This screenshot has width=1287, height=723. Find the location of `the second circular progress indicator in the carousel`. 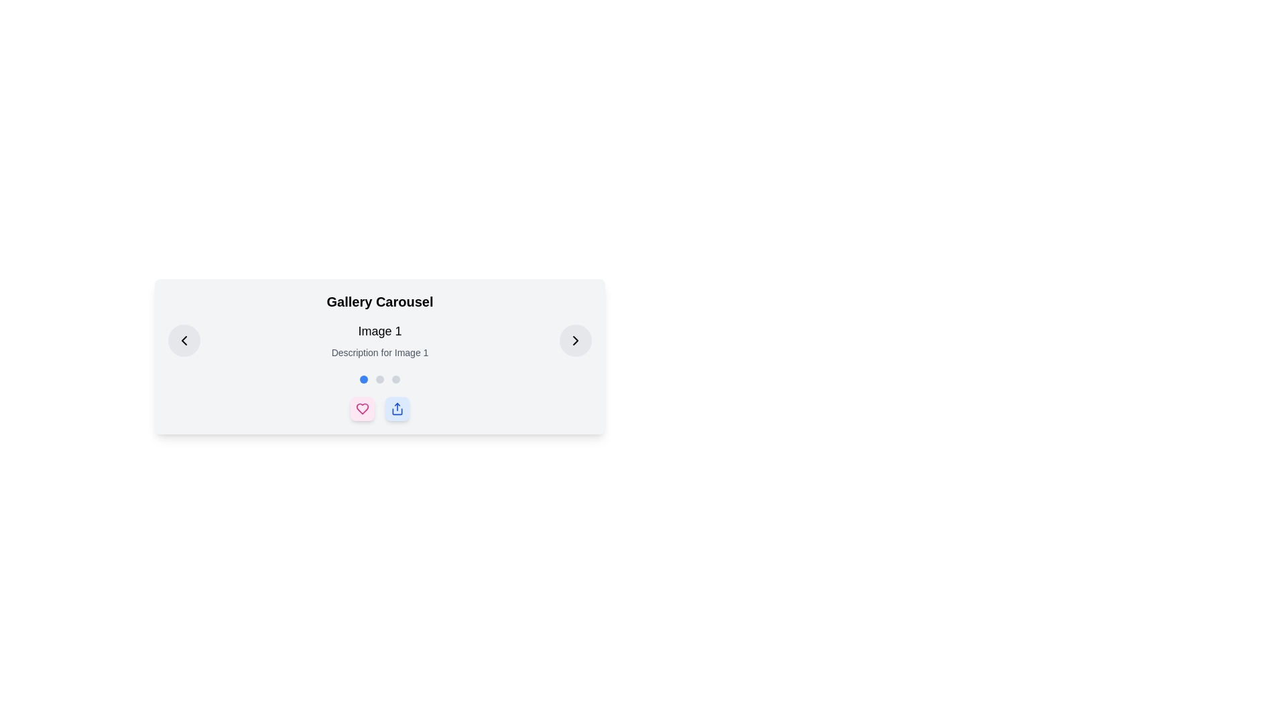

the second circular progress indicator in the carousel is located at coordinates (379, 380).